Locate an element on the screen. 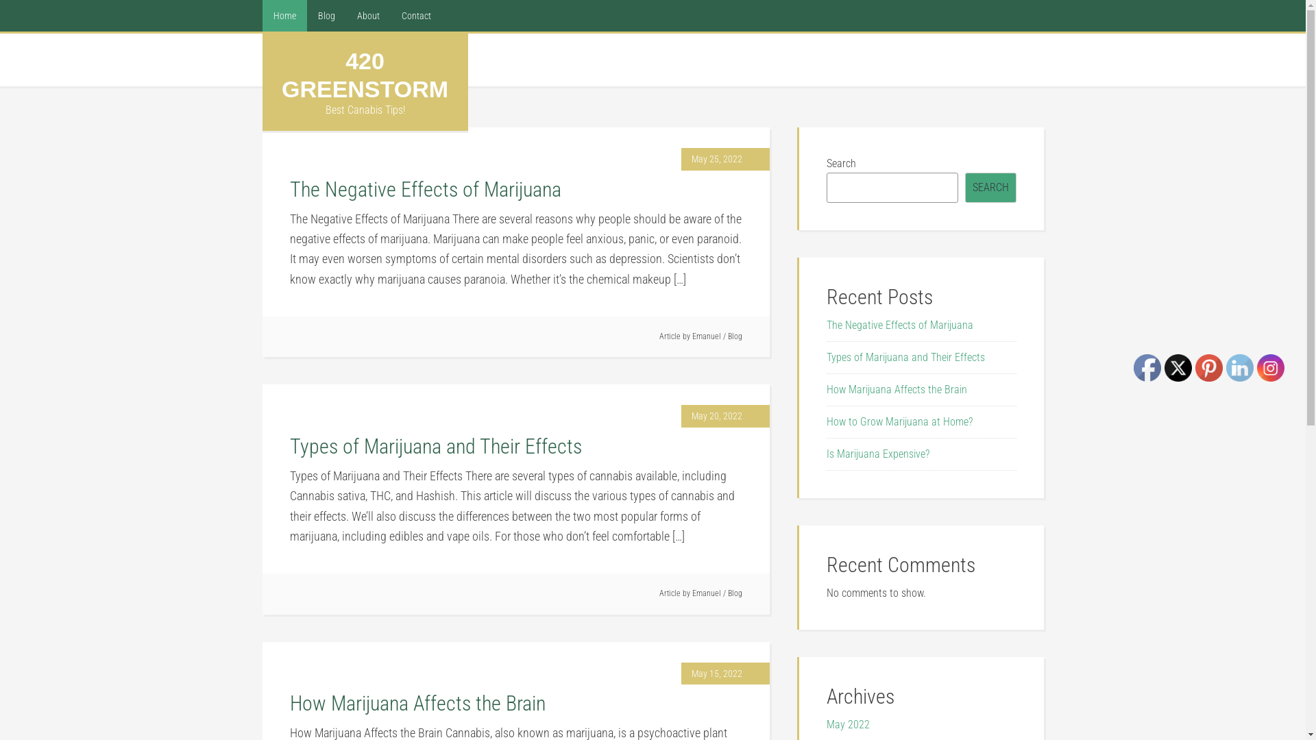 This screenshot has width=1316, height=740. 'Twitter' is located at coordinates (1177, 367).